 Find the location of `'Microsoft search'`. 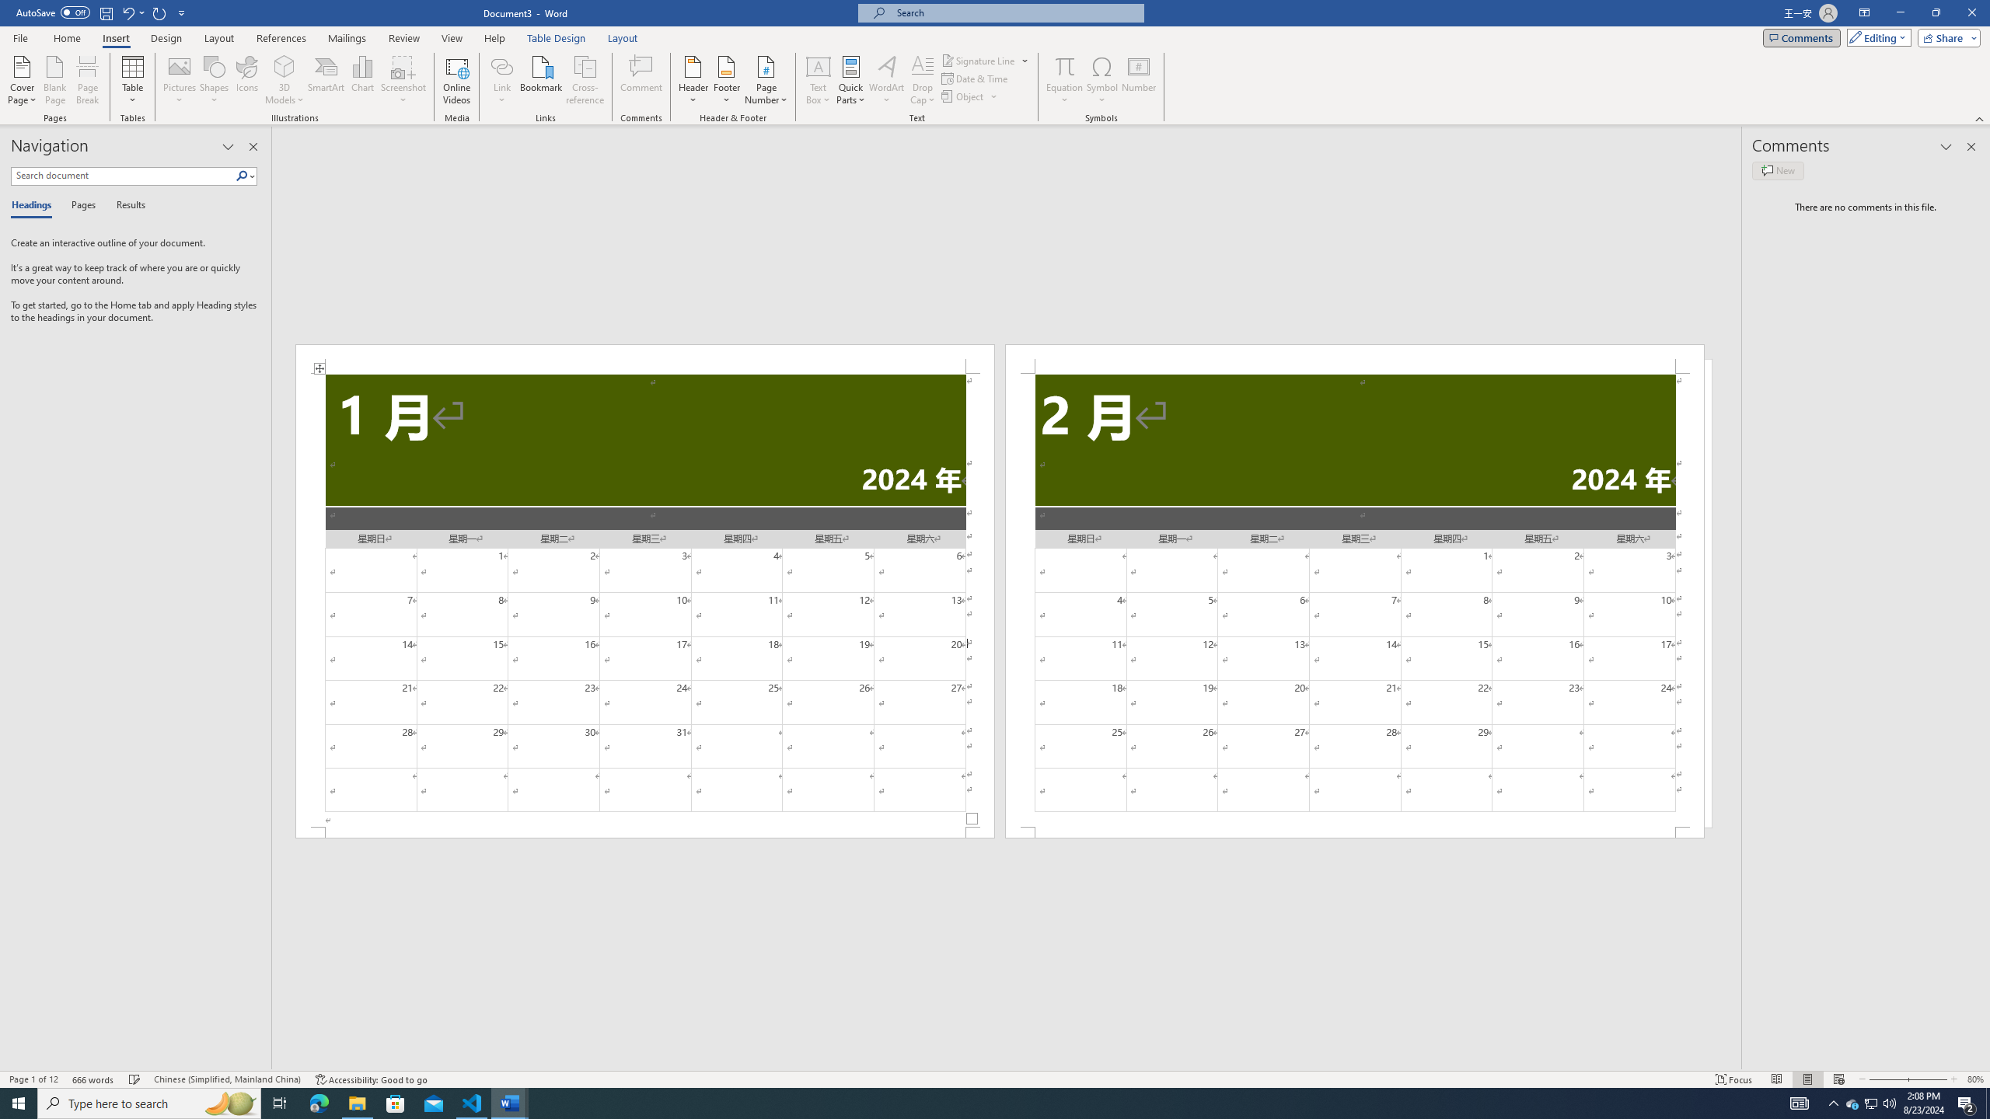

'Microsoft search' is located at coordinates (1014, 12).